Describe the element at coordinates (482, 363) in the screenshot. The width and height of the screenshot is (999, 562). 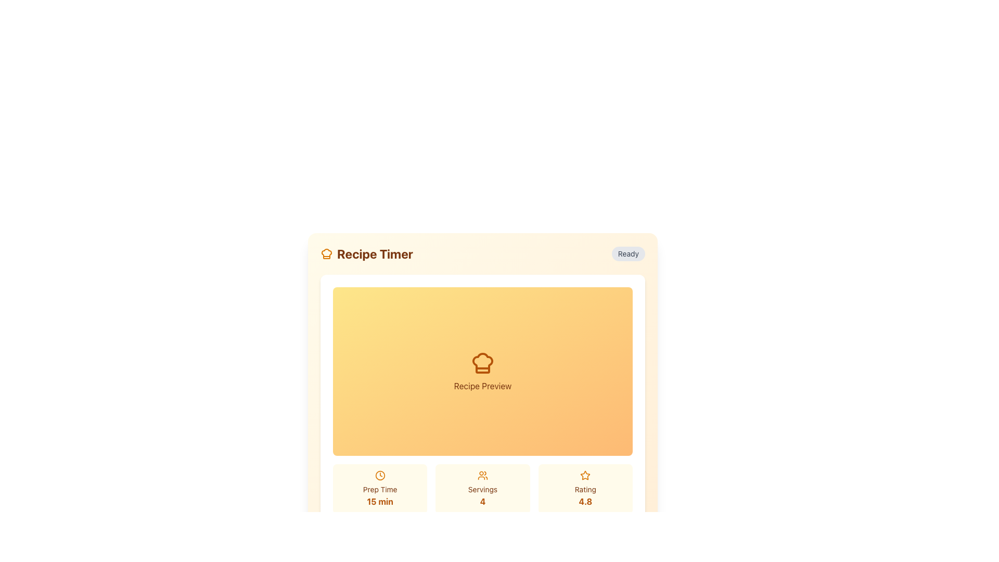
I see `the chef hat icon, which is styled with rounded edges and a line across the bottom, located within the orange rectangular area labeled 'Recipe Preview.'` at that location.